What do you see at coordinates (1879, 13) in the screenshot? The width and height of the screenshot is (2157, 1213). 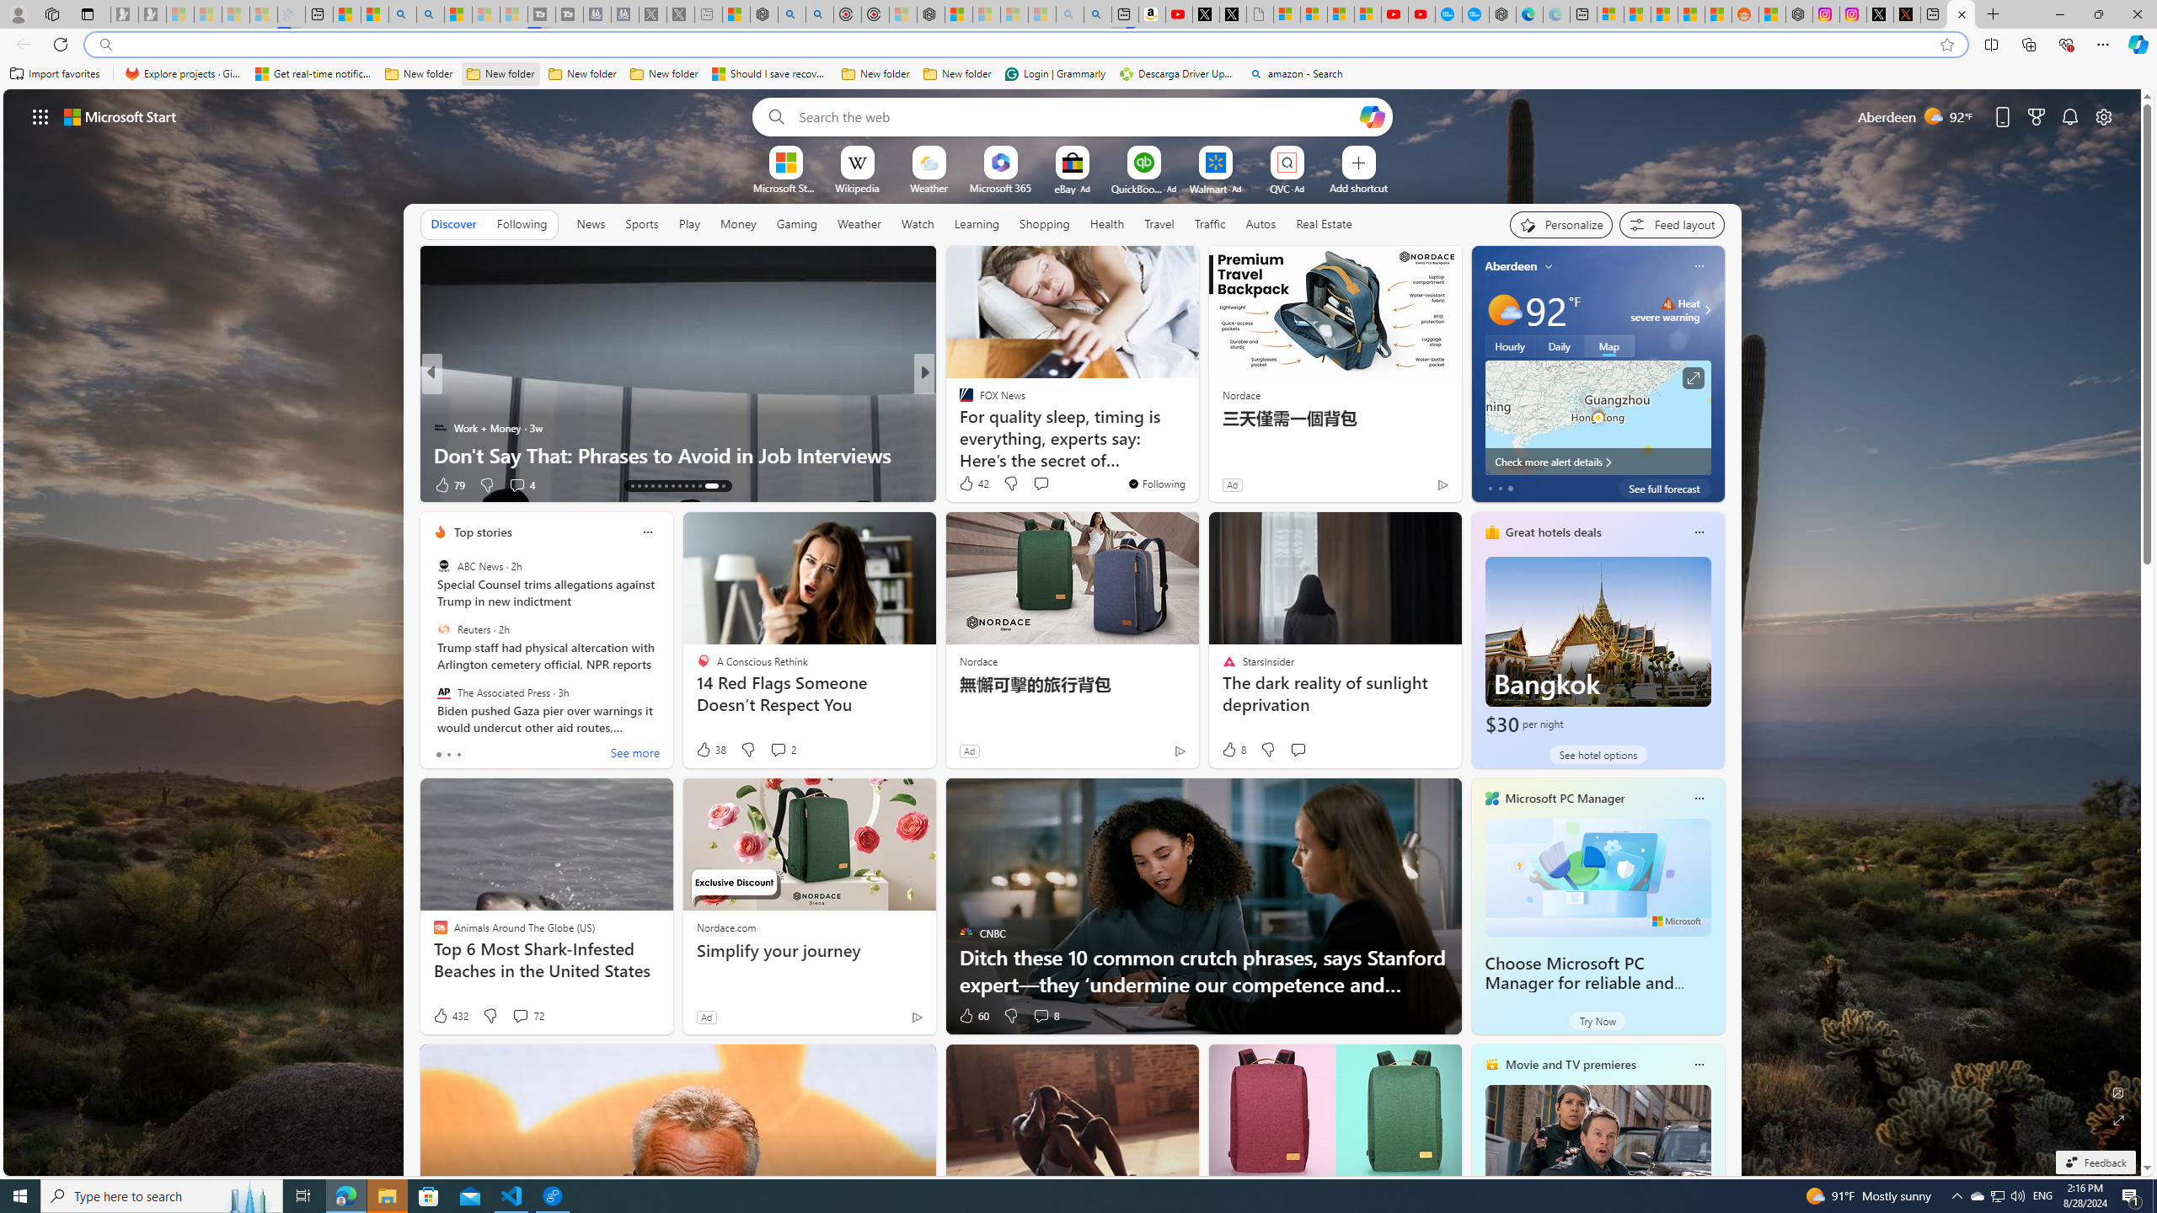 I see `'Log in to X / X'` at bounding box center [1879, 13].